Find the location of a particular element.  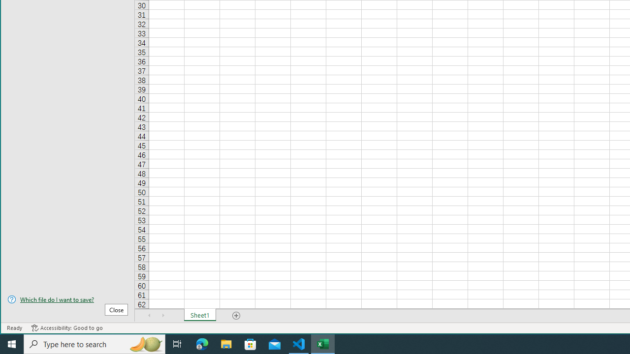

'Excel - 1 running window' is located at coordinates (323, 343).